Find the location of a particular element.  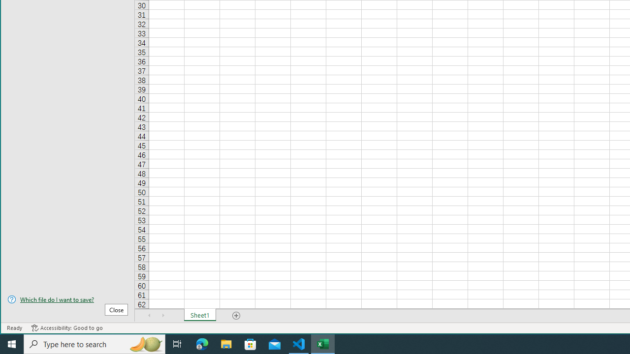

'Excel - 1 running window' is located at coordinates (323, 343).